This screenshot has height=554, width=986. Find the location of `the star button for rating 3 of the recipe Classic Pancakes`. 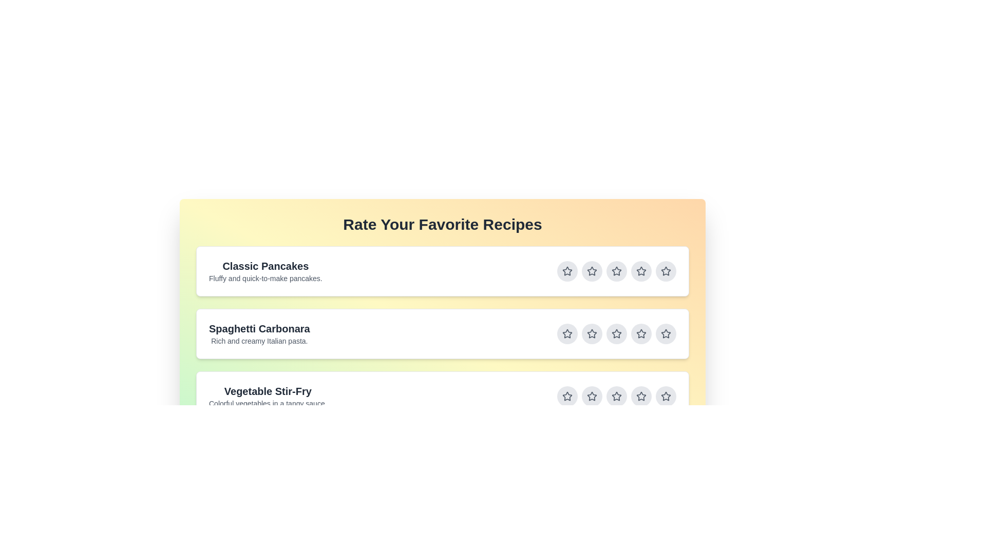

the star button for rating 3 of the recipe Classic Pancakes is located at coordinates (616, 270).